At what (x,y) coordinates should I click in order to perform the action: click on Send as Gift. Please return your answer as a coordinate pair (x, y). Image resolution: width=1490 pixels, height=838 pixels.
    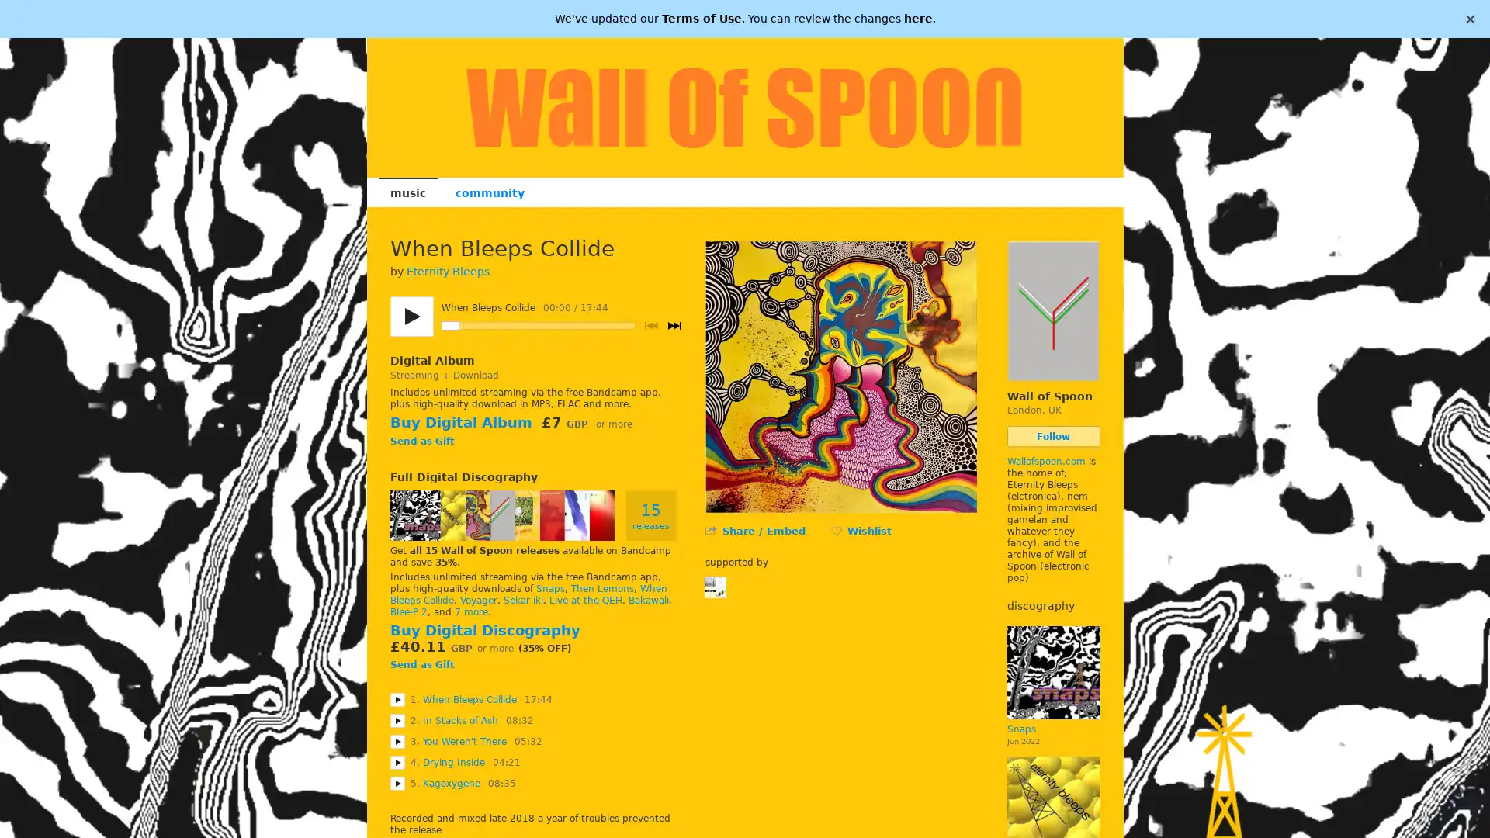
    Looking at the image, I should click on (421, 442).